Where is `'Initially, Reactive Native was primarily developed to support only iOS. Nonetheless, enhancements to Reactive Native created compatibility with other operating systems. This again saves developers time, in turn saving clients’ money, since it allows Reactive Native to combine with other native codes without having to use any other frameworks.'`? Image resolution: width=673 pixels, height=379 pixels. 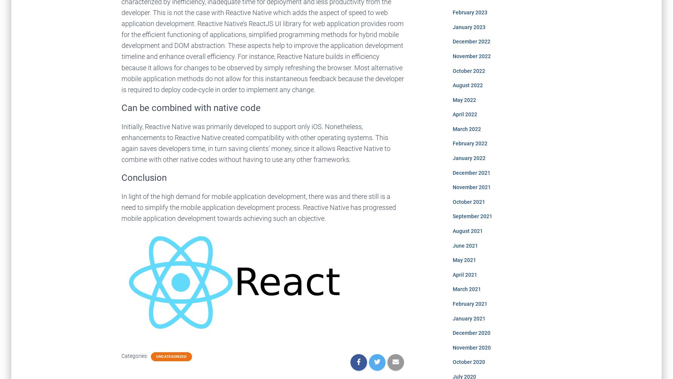
'Initially, Reactive Native was primarily developed to support only iOS. Nonetheless, enhancements to Reactive Native created compatibility with other operating systems. This again saves developers time, in turn saving clients’ money, since it allows Reactive Native to combine with other native codes without having to use any other frameworks.' is located at coordinates (121, 142).